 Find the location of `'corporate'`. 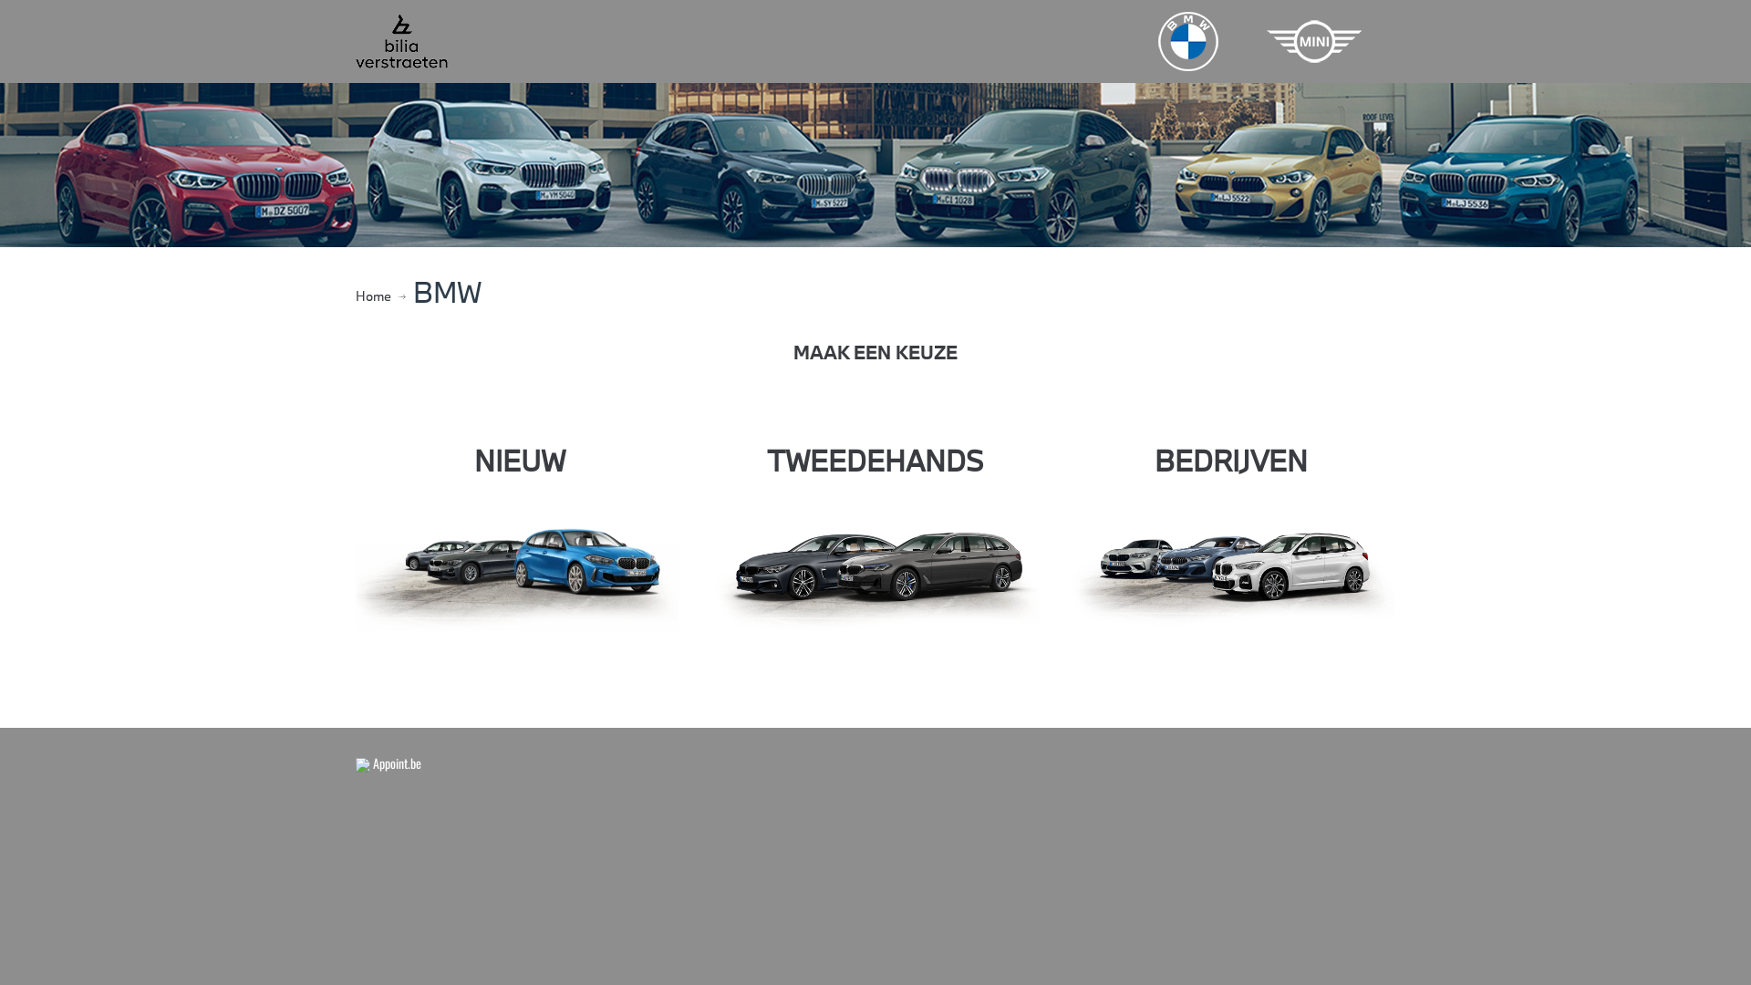

'corporate' is located at coordinates (1230, 562).